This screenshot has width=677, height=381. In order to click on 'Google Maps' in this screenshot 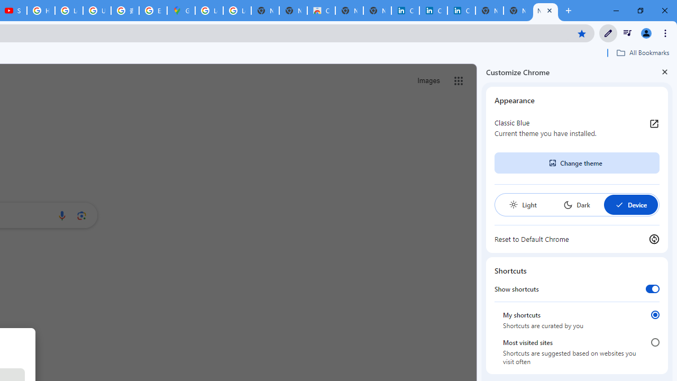, I will do `click(181, 11)`.